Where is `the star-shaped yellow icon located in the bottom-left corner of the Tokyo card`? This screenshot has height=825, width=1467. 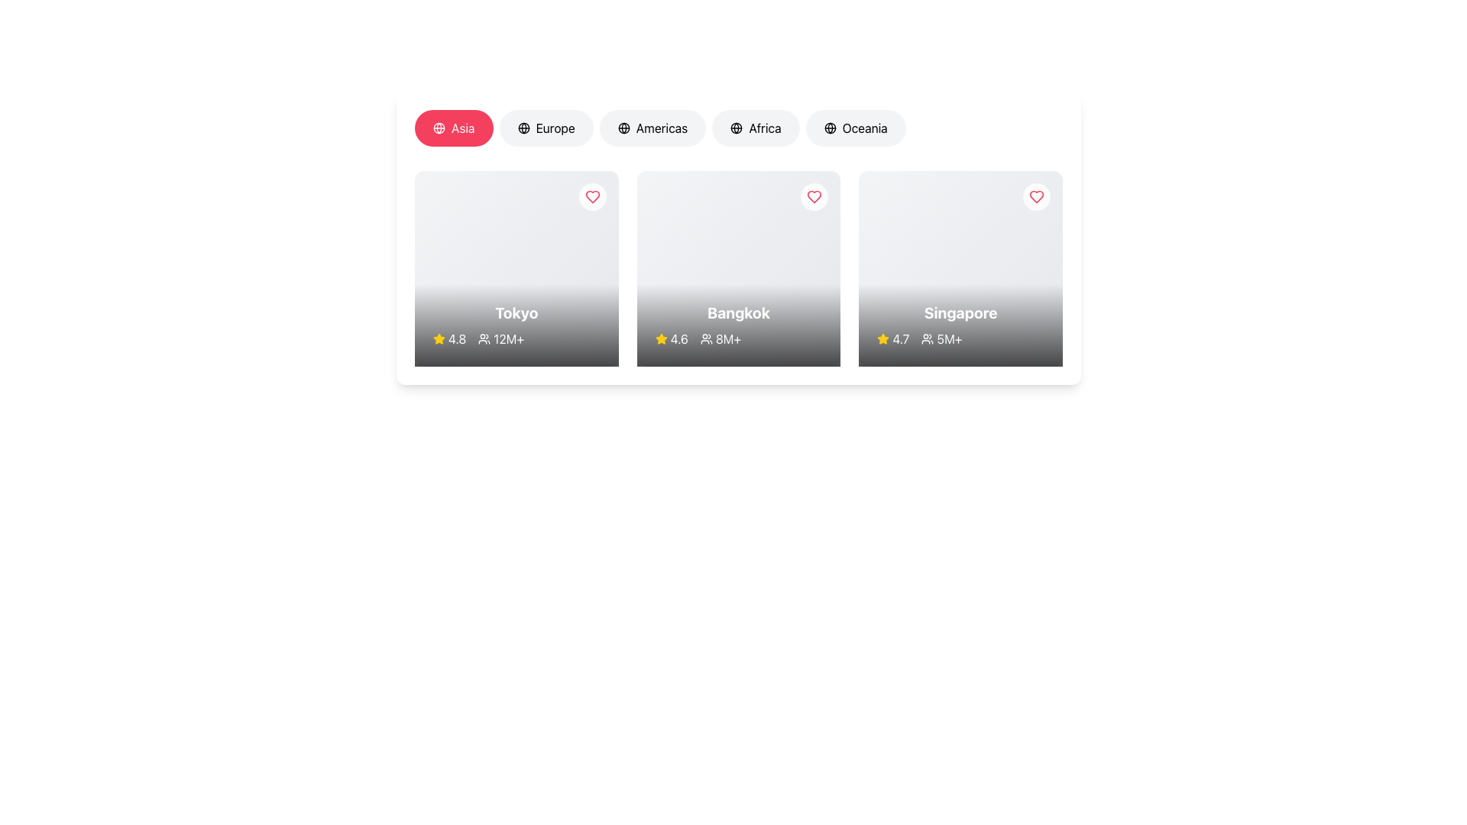 the star-shaped yellow icon located in the bottom-left corner of the Tokyo card is located at coordinates (439, 338).